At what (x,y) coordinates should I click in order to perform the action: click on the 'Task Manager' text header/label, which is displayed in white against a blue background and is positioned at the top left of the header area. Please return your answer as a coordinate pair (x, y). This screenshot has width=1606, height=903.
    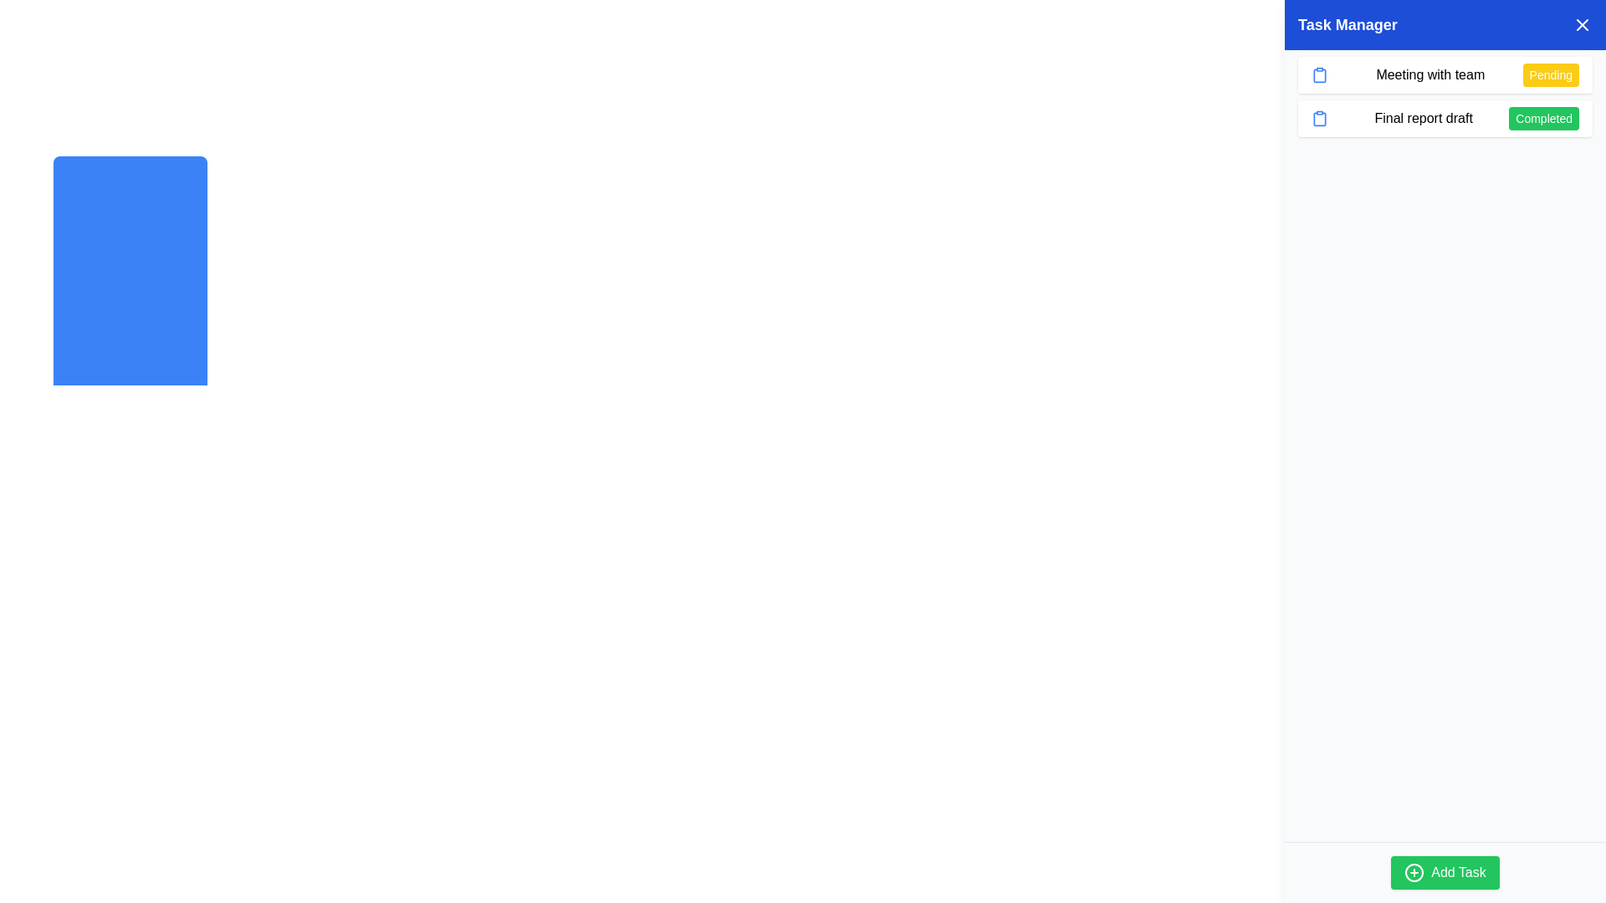
    Looking at the image, I should click on (1348, 25).